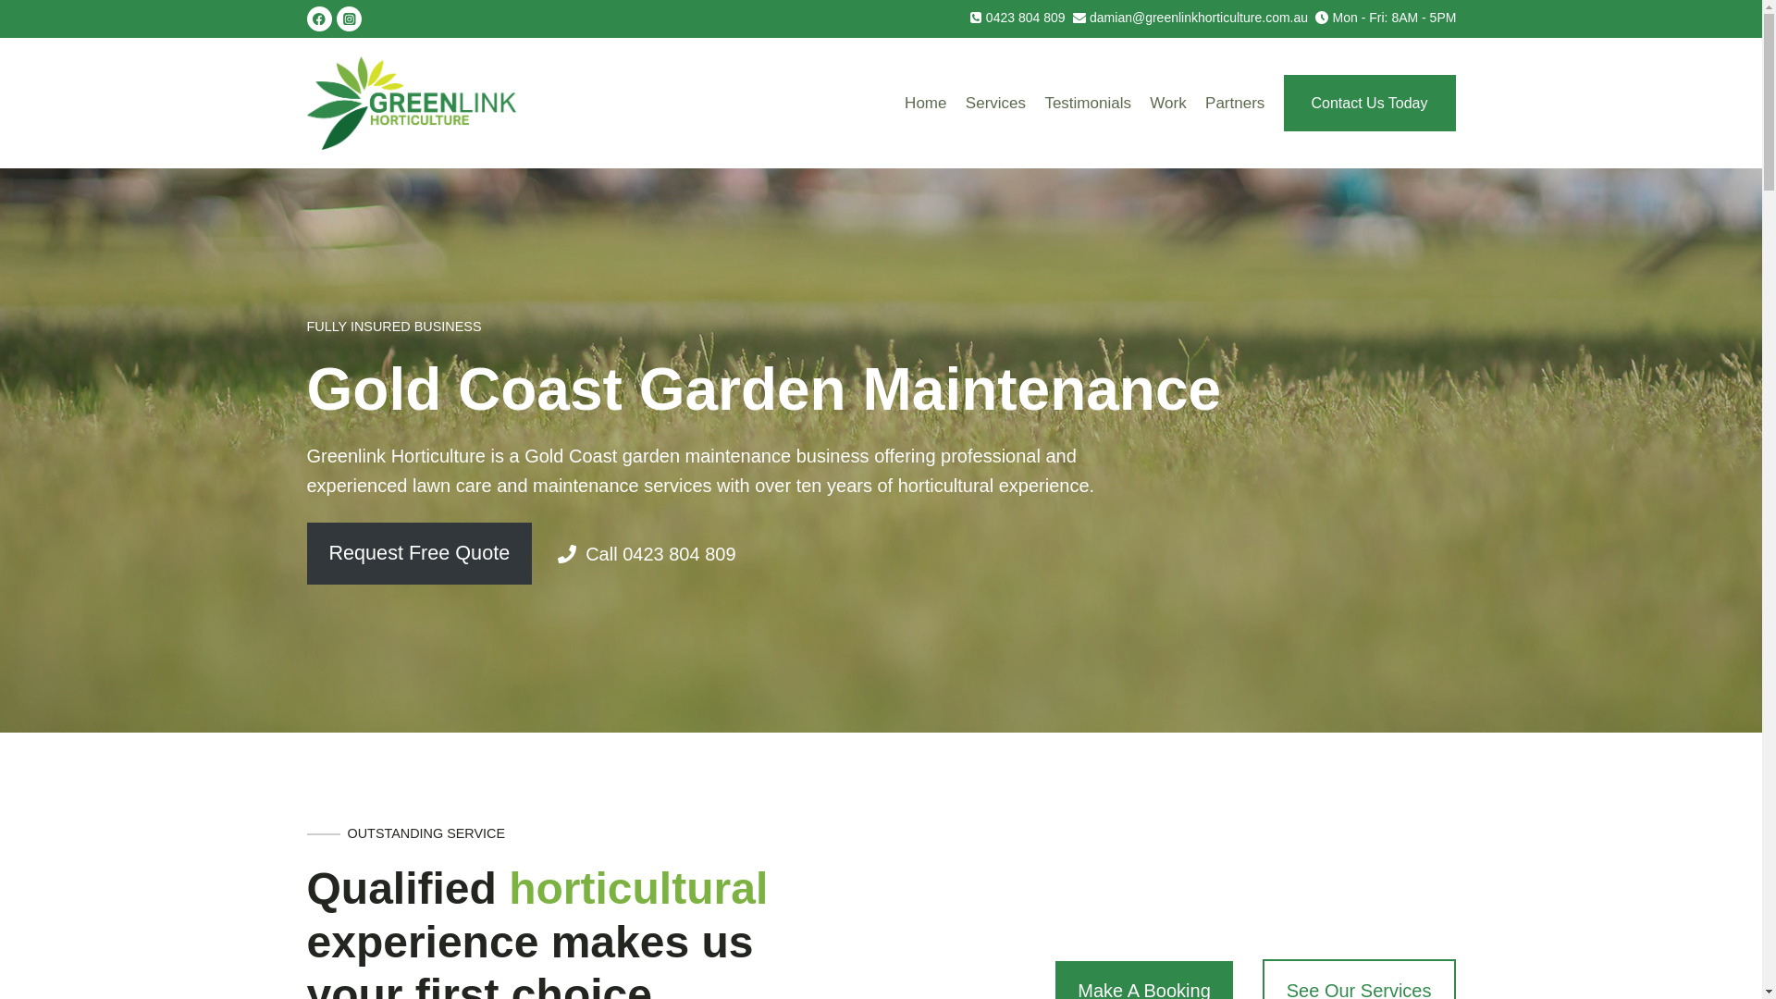  I want to click on 'Contact Us Today', so click(1282, 103).